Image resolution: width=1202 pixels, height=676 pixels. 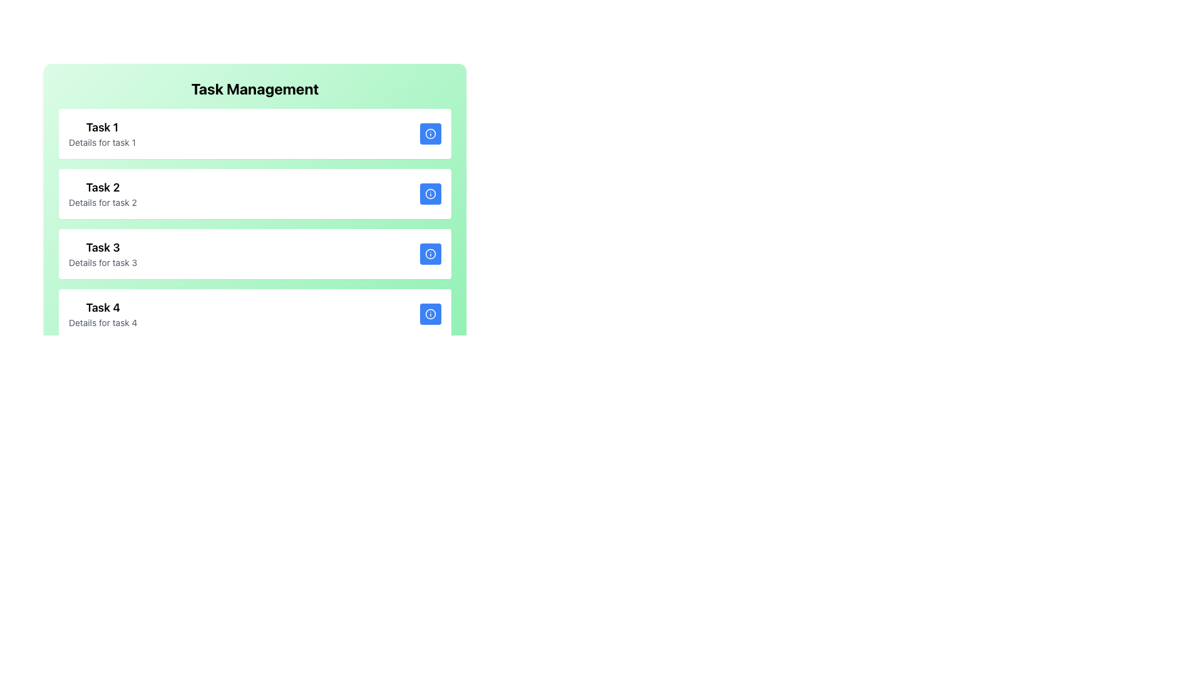 I want to click on the informational SVG icon element located in the second row of the task list, aligned to the right of 'Task 2', so click(x=430, y=193).